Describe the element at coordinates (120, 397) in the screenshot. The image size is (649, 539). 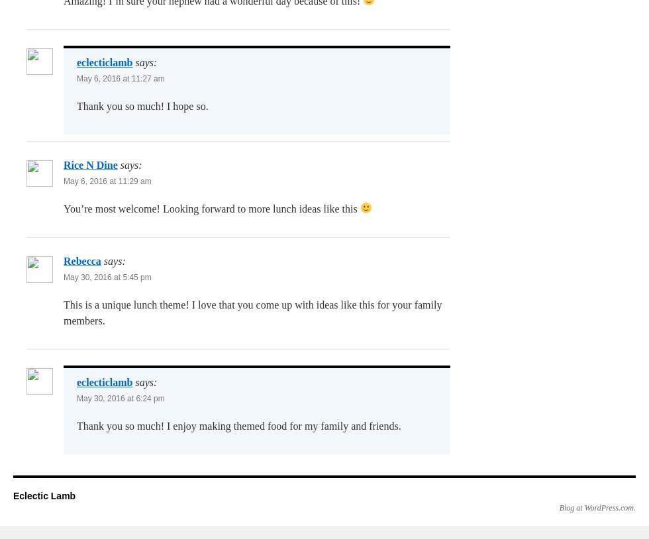
I see `'May 30, 2016 at 6:24 pm'` at that location.